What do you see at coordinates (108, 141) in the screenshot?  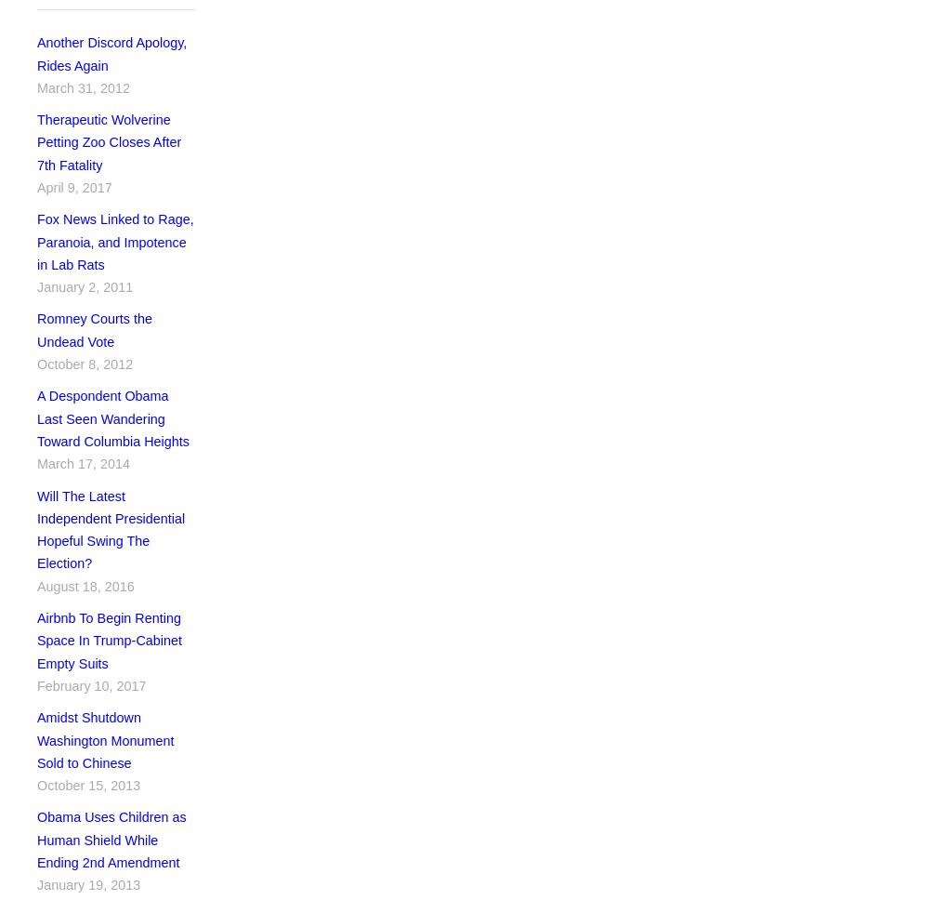 I see `'Therapeutic Wolverine Petting Zoo Closes After 7th Fatality'` at bounding box center [108, 141].